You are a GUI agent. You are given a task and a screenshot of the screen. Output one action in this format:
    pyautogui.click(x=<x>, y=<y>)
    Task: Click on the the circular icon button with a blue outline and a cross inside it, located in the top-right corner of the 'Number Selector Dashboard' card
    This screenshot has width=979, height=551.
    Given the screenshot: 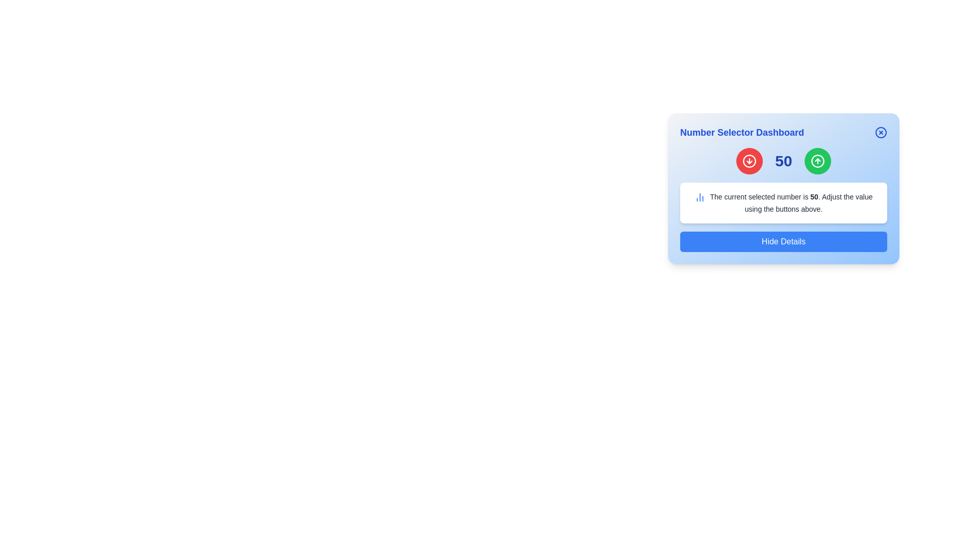 What is the action you would take?
    pyautogui.click(x=881, y=132)
    